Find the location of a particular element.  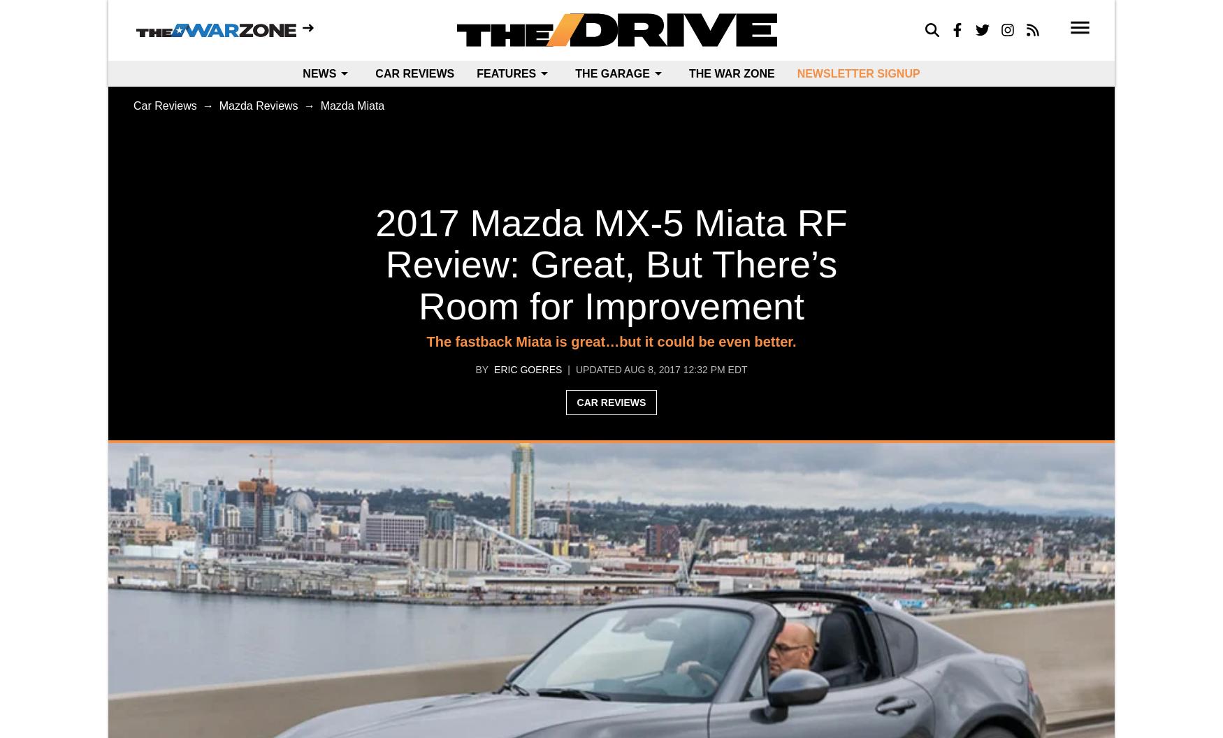

'2017 Mazda MX-5 Miata RF Review: Great, But There’s Room for Improvement' is located at coordinates (375, 263).